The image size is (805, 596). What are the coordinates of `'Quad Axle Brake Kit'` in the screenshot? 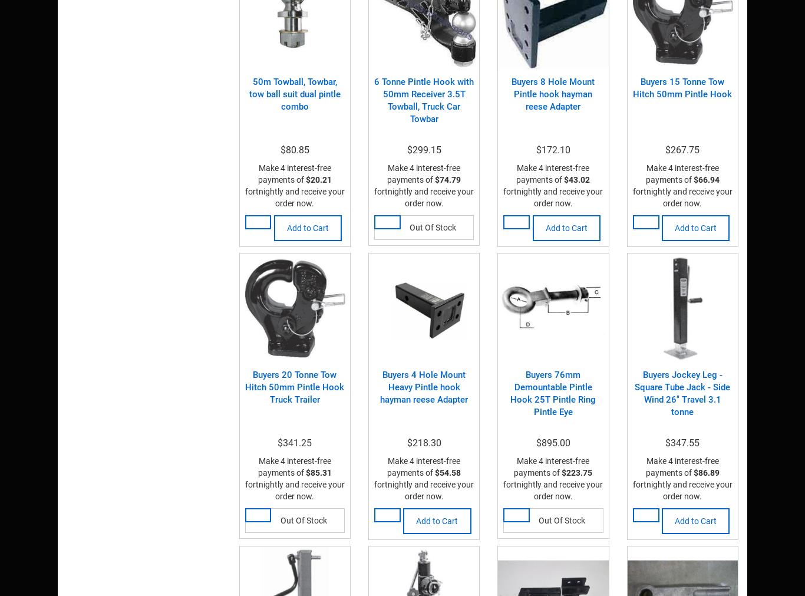 It's located at (326, 49).